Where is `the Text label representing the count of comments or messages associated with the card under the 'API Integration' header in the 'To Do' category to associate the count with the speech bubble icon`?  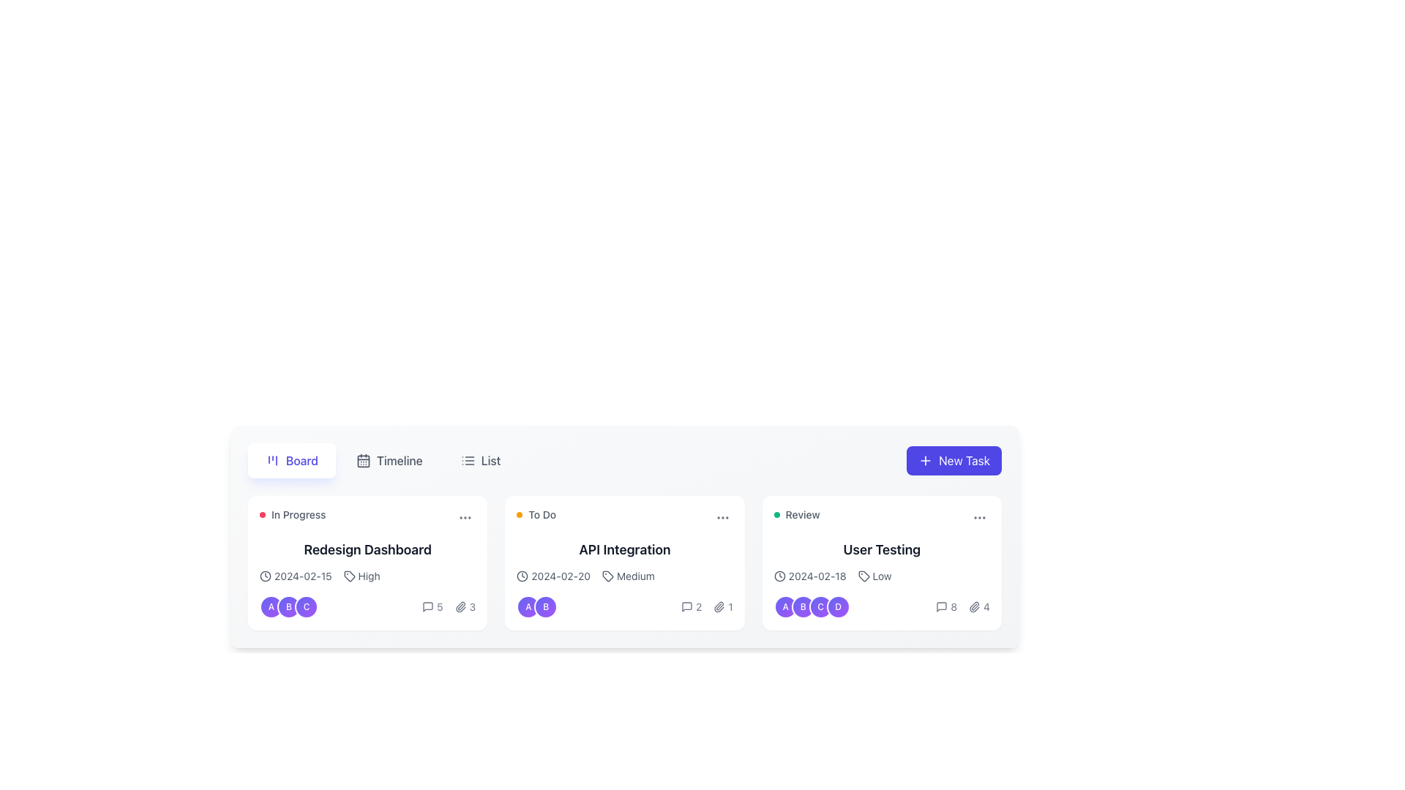
the Text label representing the count of comments or messages associated with the card under the 'API Integration' header in the 'To Do' category to associate the count with the speech bubble icon is located at coordinates (698, 606).